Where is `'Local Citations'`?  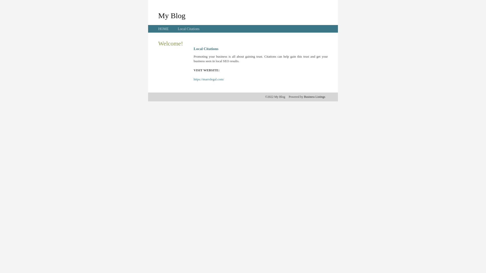
'Local Citations' is located at coordinates (188, 29).